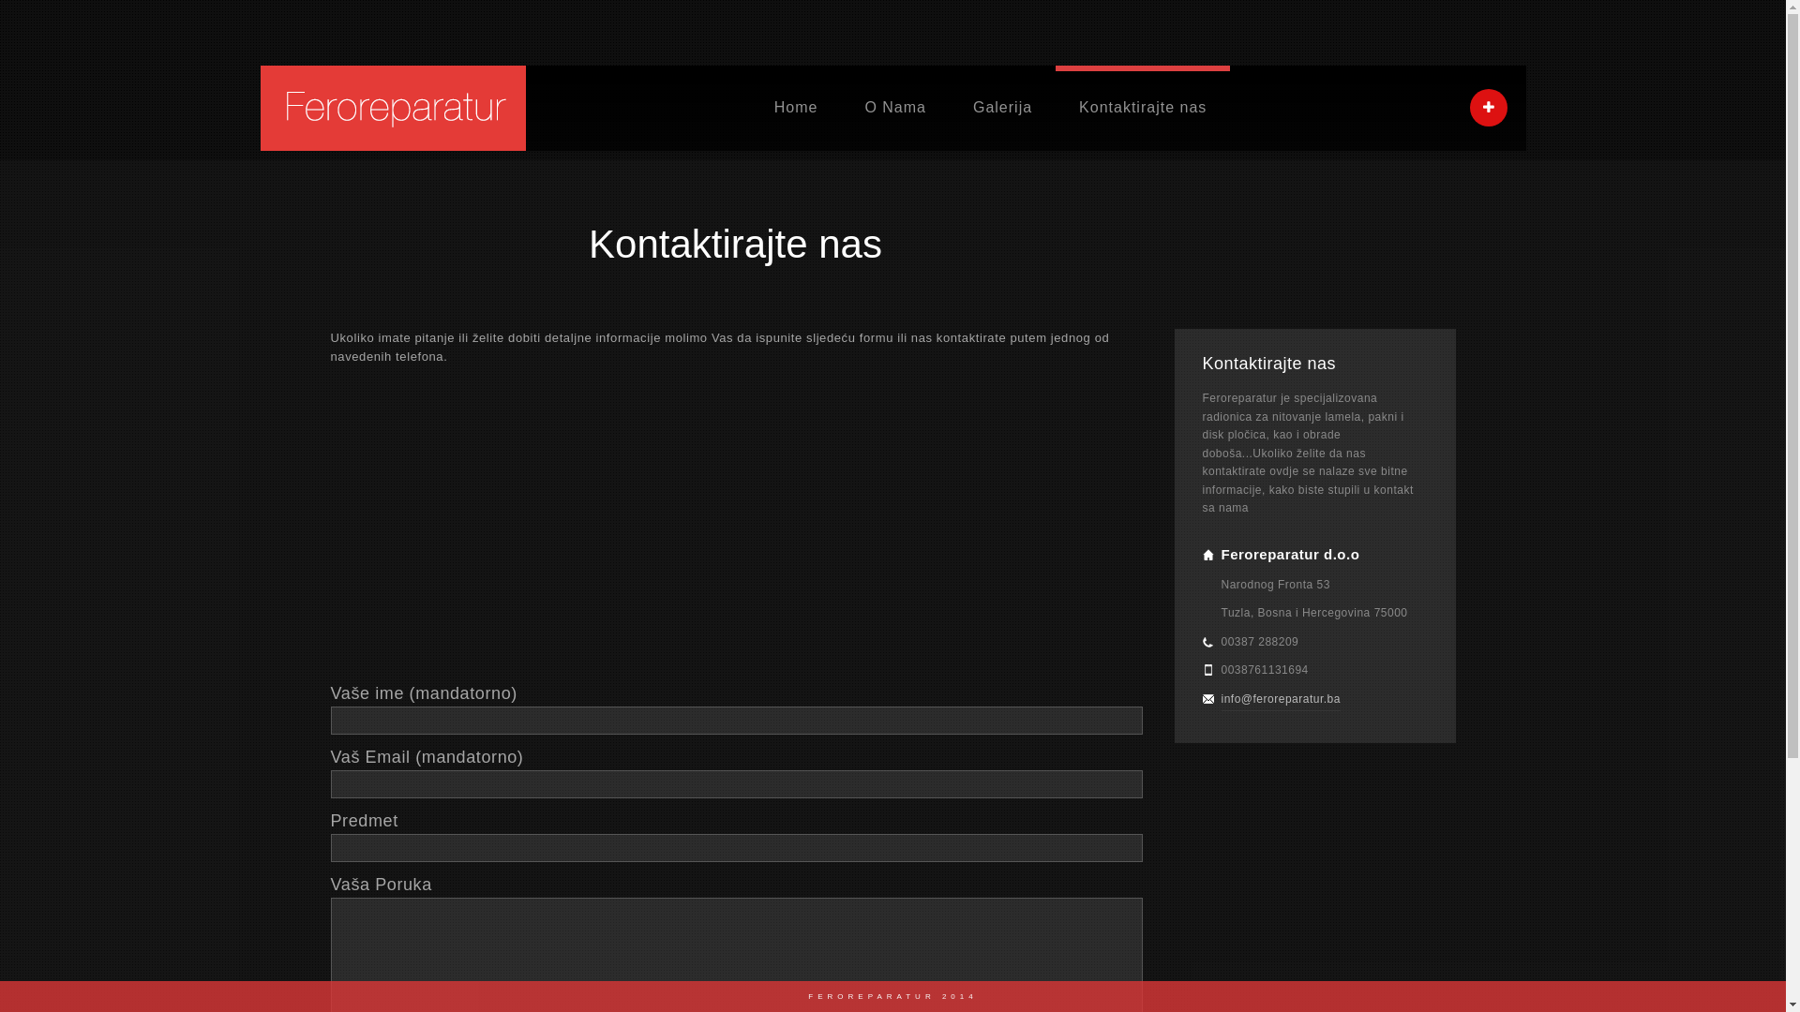  Describe the element at coordinates (1279, 699) in the screenshot. I see `'info@feroreparatur.ba'` at that location.